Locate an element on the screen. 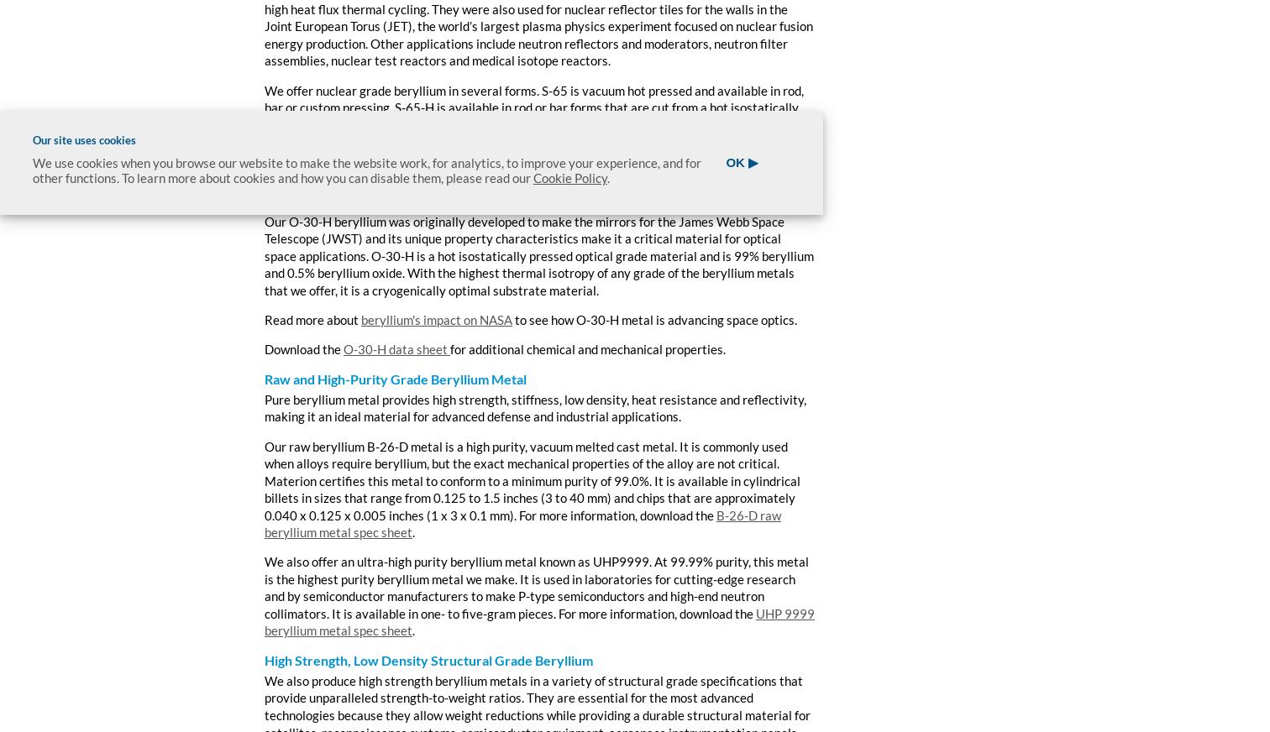 This screenshot has height=732, width=1270. 'to see how O-30-H metal is advancing space optics.' is located at coordinates (654, 320).